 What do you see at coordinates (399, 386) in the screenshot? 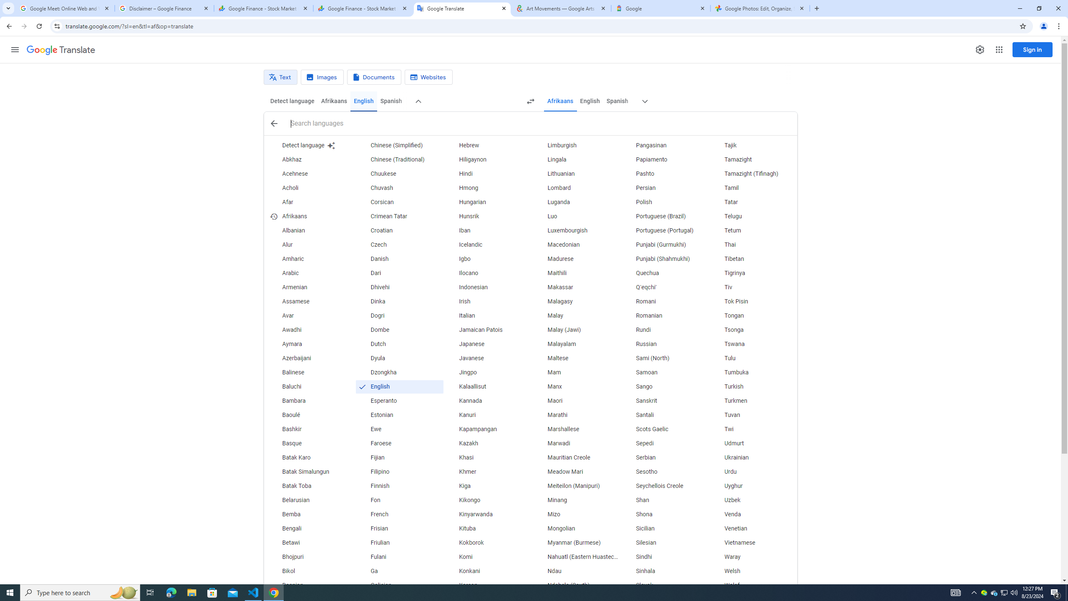
I see `'English (recently used language)'` at bounding box center [399, 386].